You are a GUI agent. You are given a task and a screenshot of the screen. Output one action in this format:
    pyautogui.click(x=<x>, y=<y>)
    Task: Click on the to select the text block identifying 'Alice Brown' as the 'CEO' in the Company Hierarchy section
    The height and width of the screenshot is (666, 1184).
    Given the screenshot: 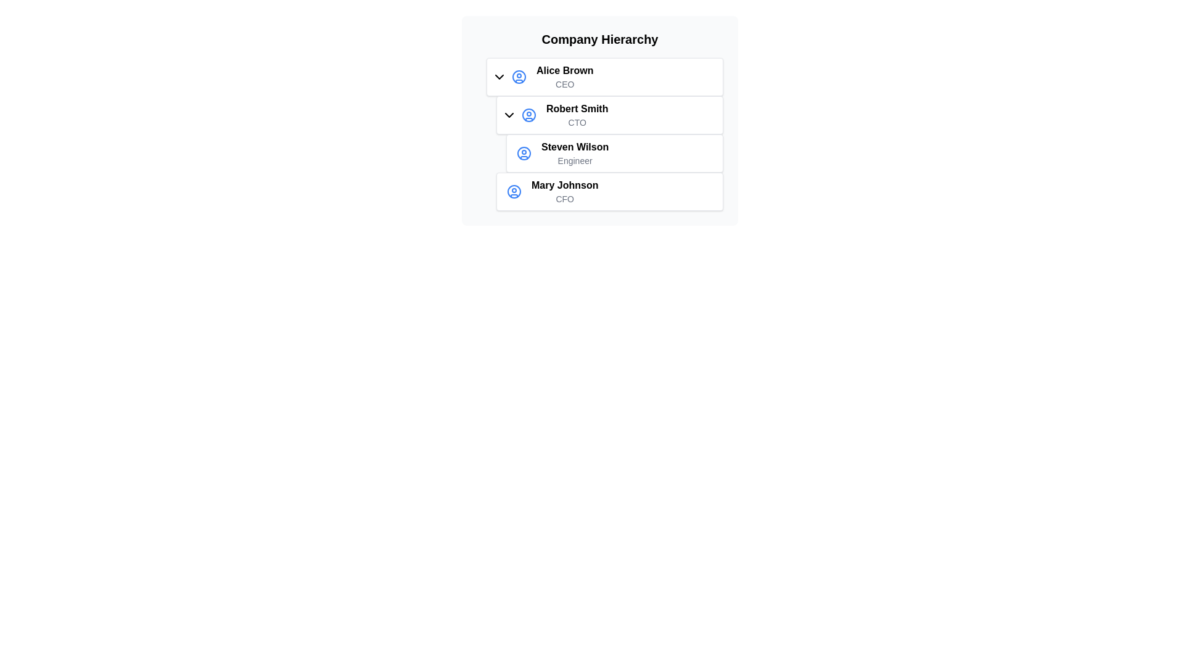 What is the action you would take?
    pyautogui.click(x=564, y=76)
    